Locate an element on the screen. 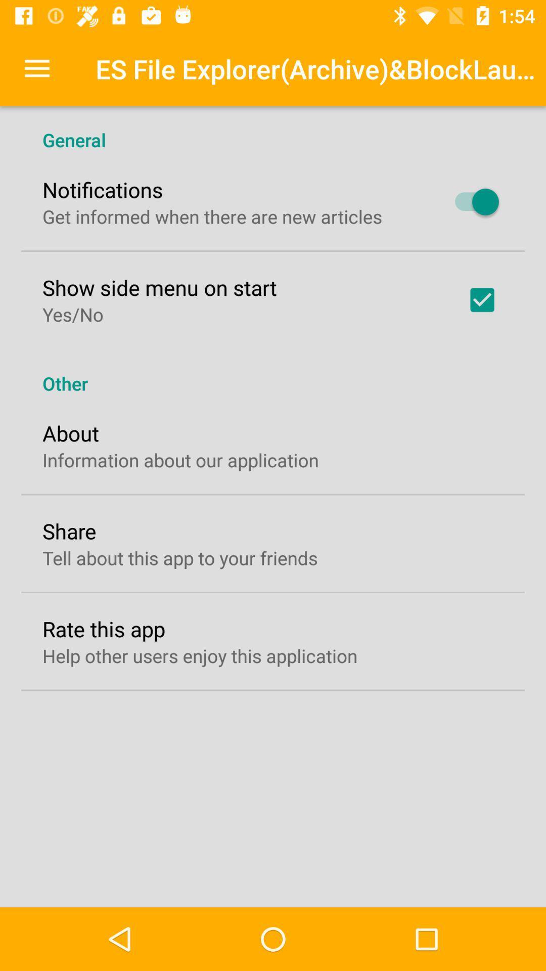 This screenshot has height=971, width=546. icon below the general item is located at coordinates (103, 189).